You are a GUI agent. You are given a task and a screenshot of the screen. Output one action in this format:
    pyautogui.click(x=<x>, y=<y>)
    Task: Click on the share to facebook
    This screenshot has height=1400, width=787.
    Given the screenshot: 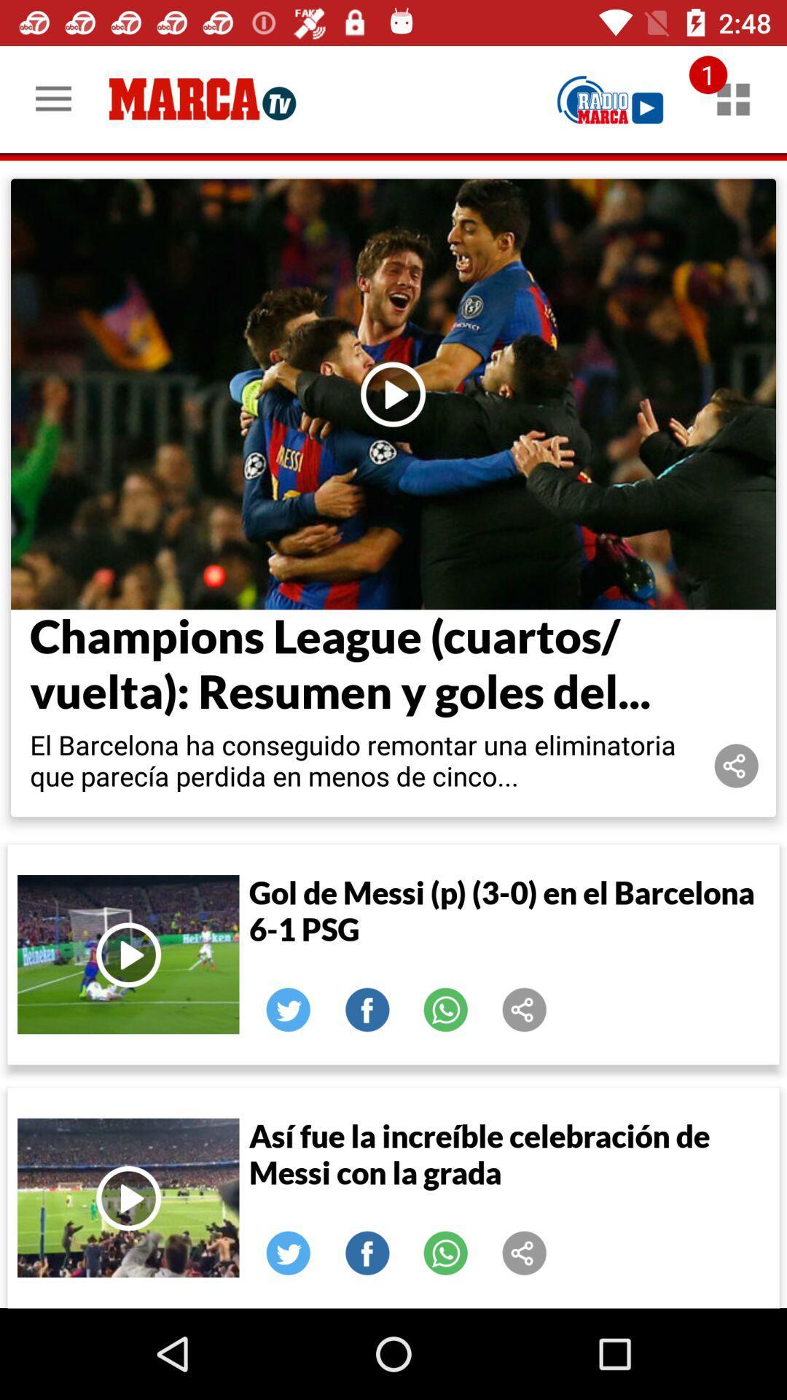 What is the action you would take?
    pyautogui.click(x=367, y=1252)
    